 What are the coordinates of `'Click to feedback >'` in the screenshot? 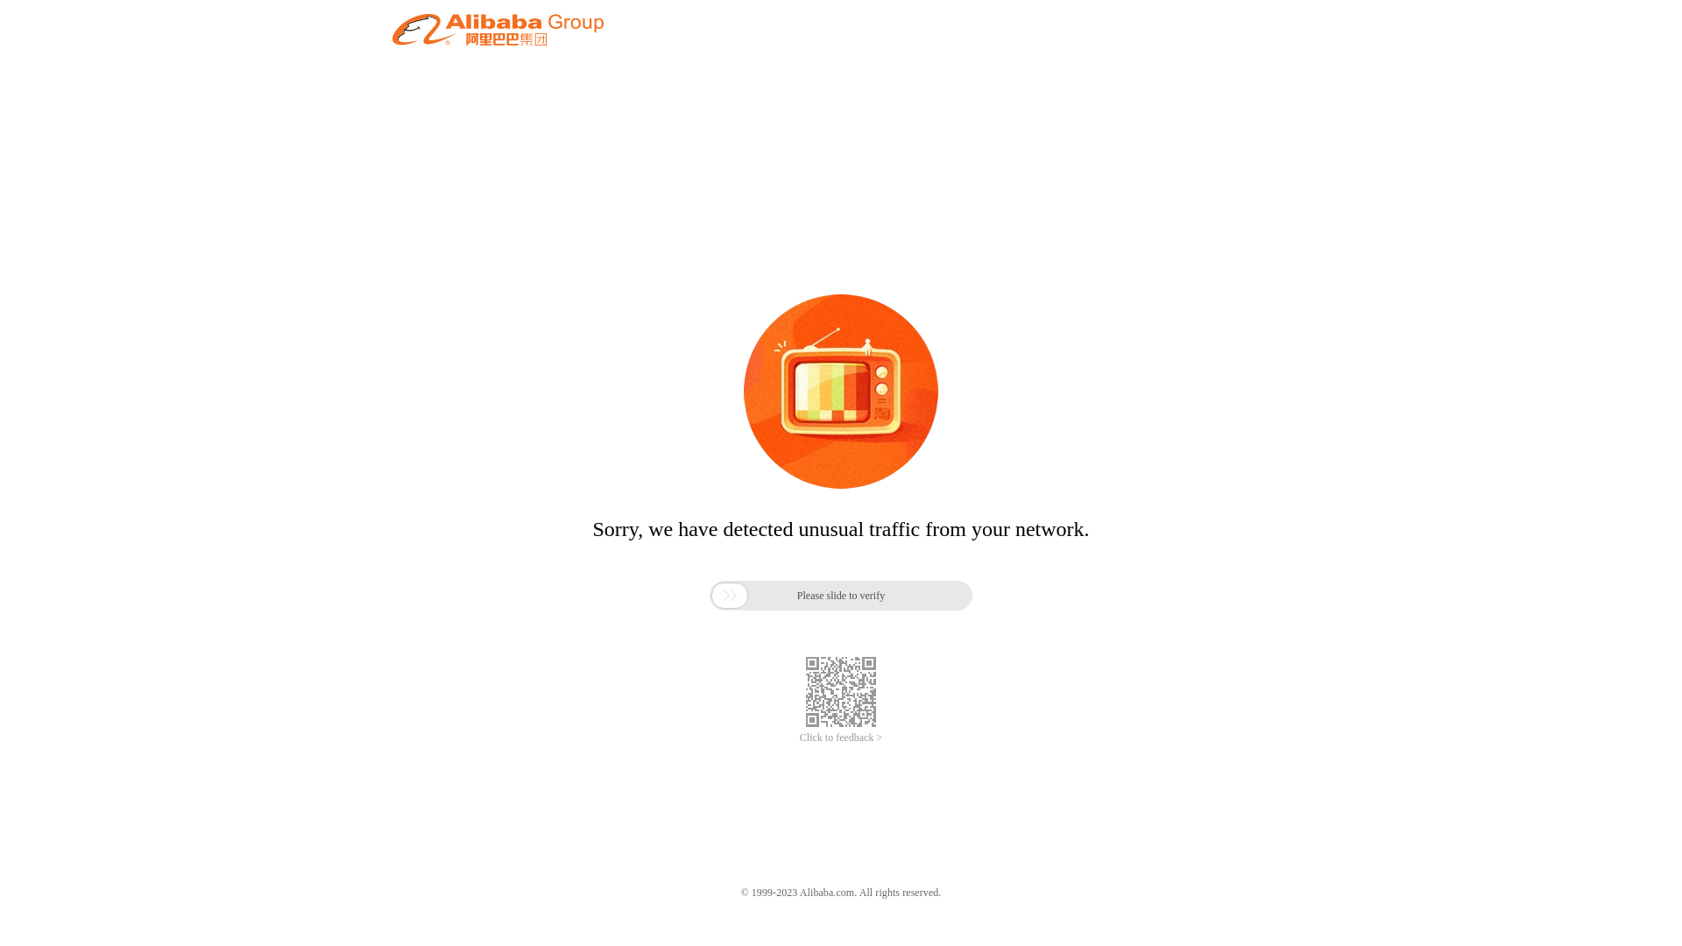 It's located at (841, 738).